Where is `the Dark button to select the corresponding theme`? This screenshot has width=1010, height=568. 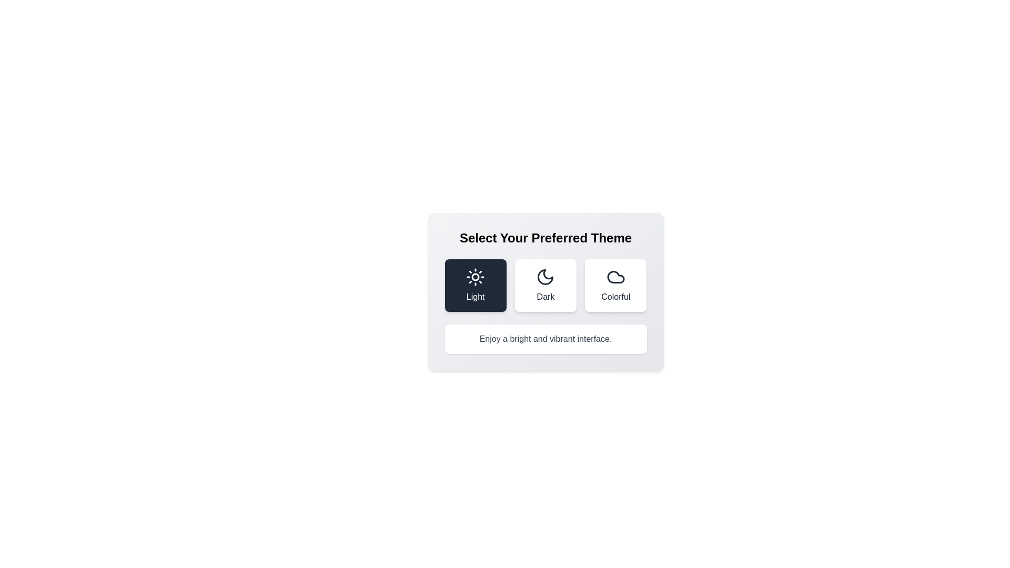 the Dark button to select the corresponding theme is located at coordinates (546, 286).